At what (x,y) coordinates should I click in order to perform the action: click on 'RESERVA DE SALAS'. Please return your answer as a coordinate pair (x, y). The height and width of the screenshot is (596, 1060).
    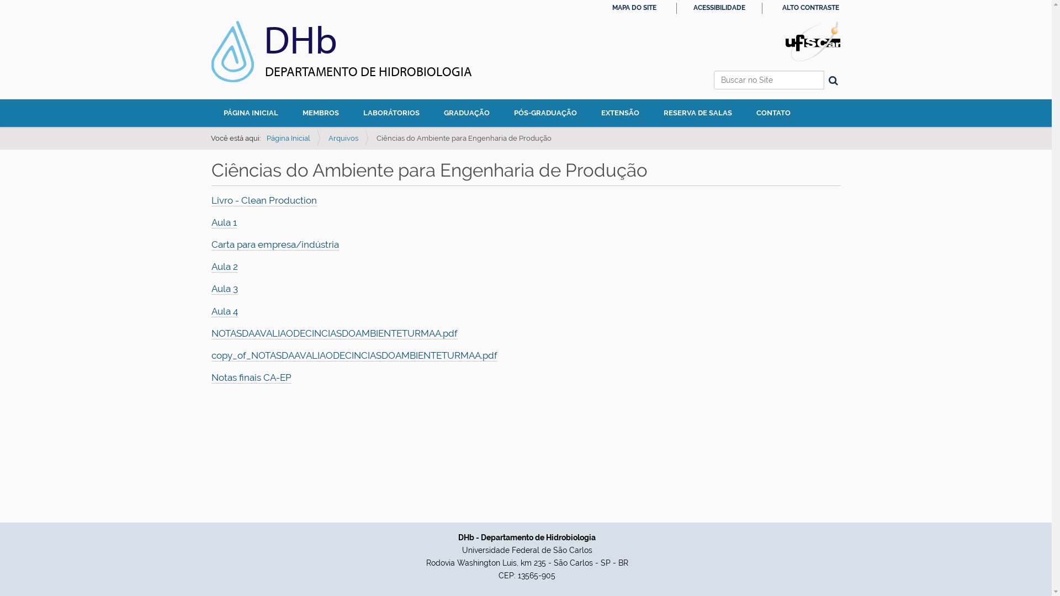
    Looking at the image, I should click on (697, 113).